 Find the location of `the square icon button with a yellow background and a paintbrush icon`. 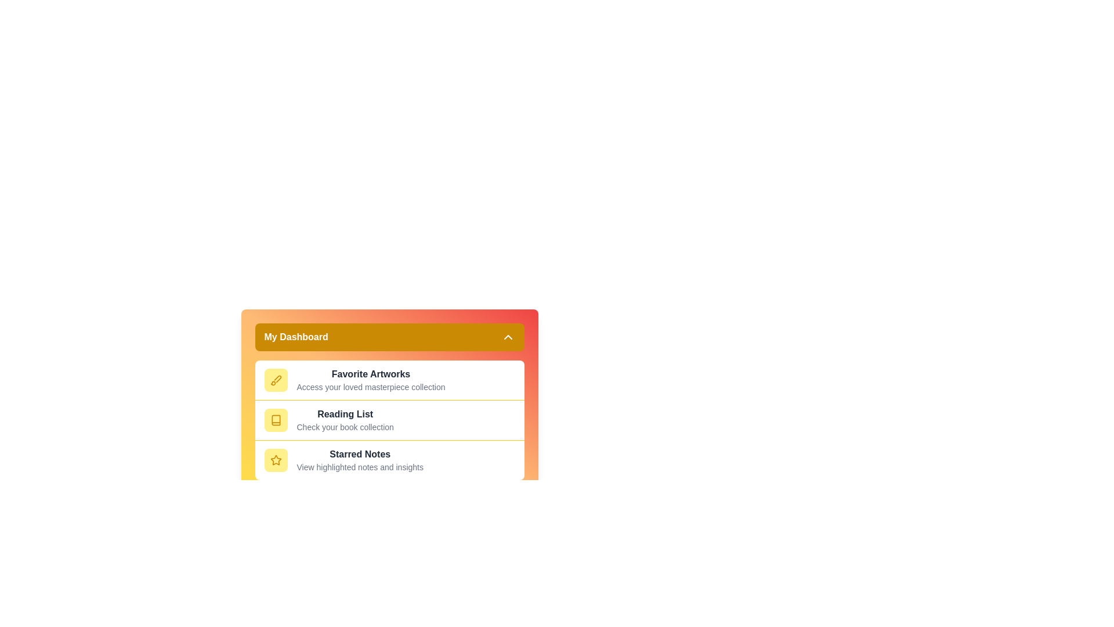

the square icon button with a yellow background and a paintbrush icon is located at coordinates (275, 380).